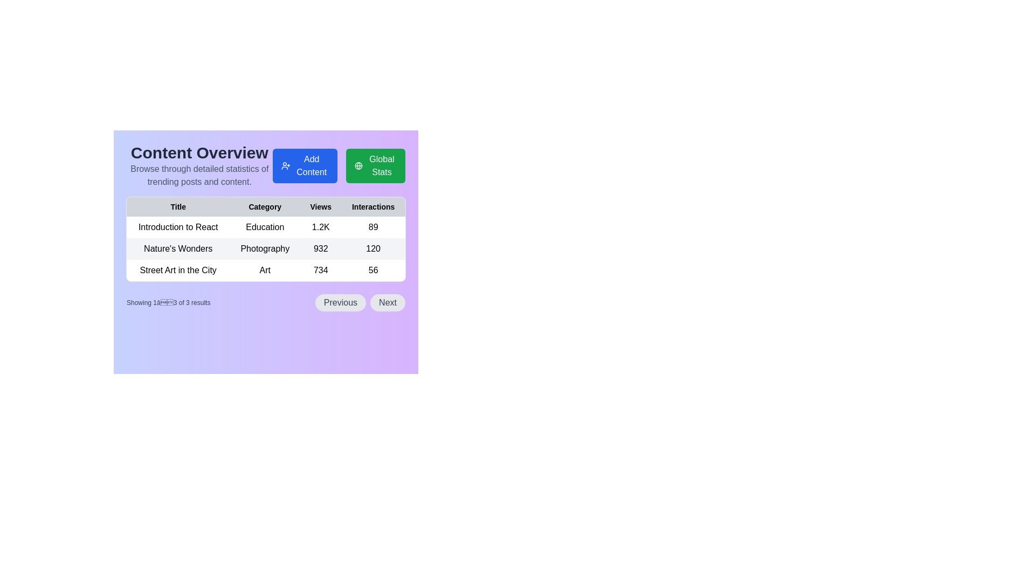  Describe the element at coordinates (178, 249) in the screenshot. I see `displayed text from the Text Label located in the first column of the second row under the 'Title' column, adjacent to 'Photography'` at that location.